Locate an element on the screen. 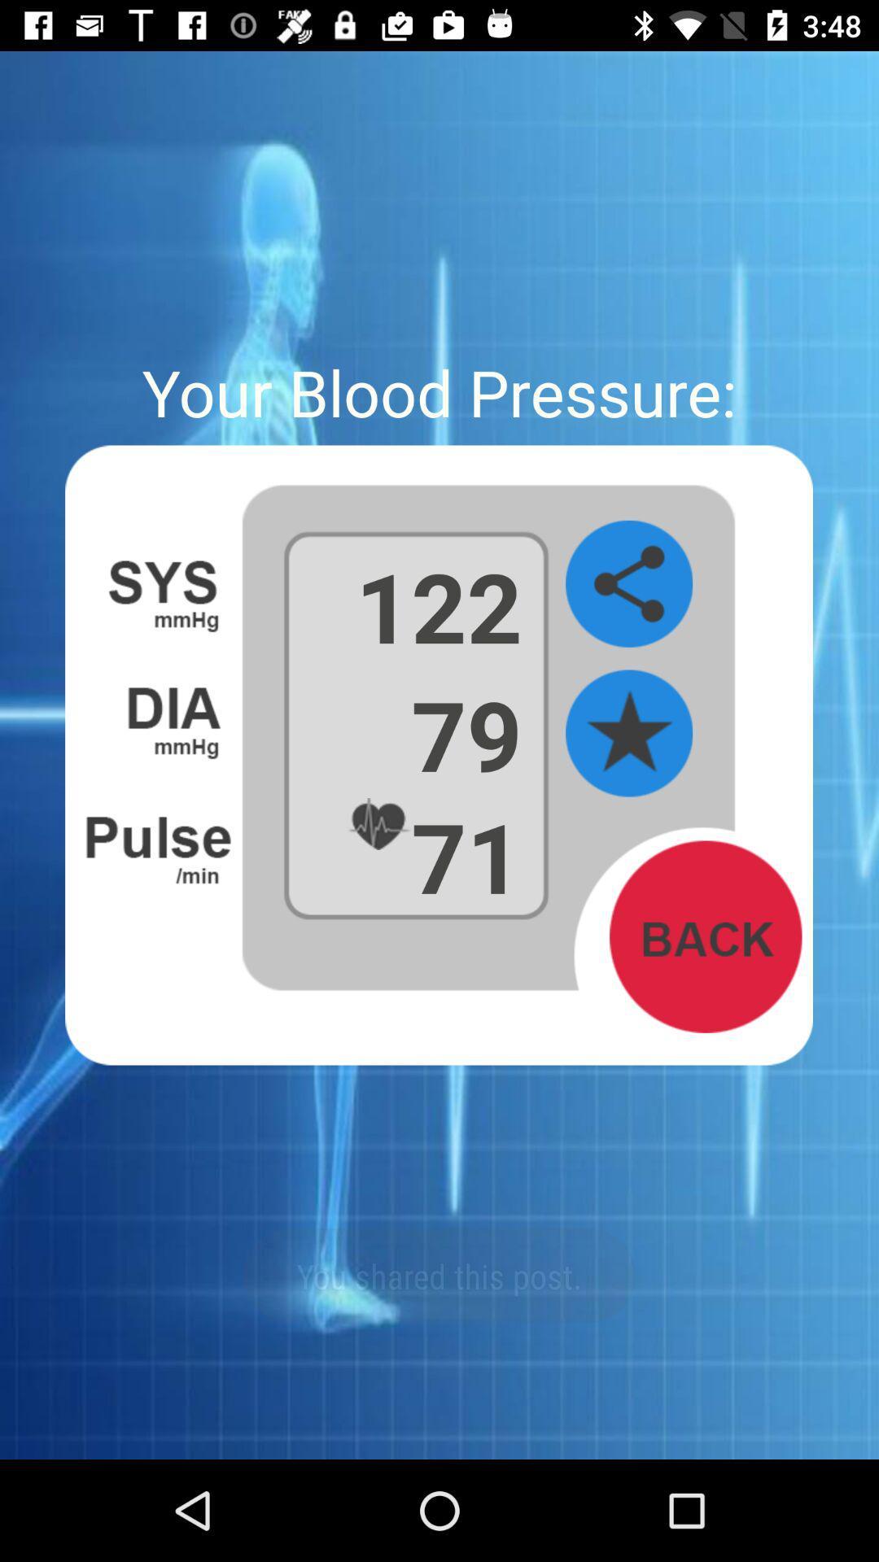  blood pressure is located at coordinates (628, 733).